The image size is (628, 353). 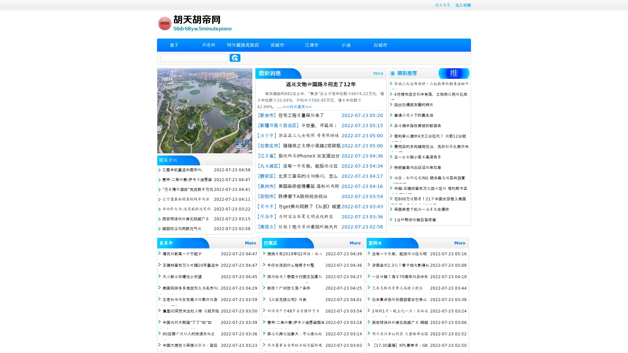 What do you see at coordinates (235, 58) in the screenshot?
I see `Search` at bounding box center [235, 58].